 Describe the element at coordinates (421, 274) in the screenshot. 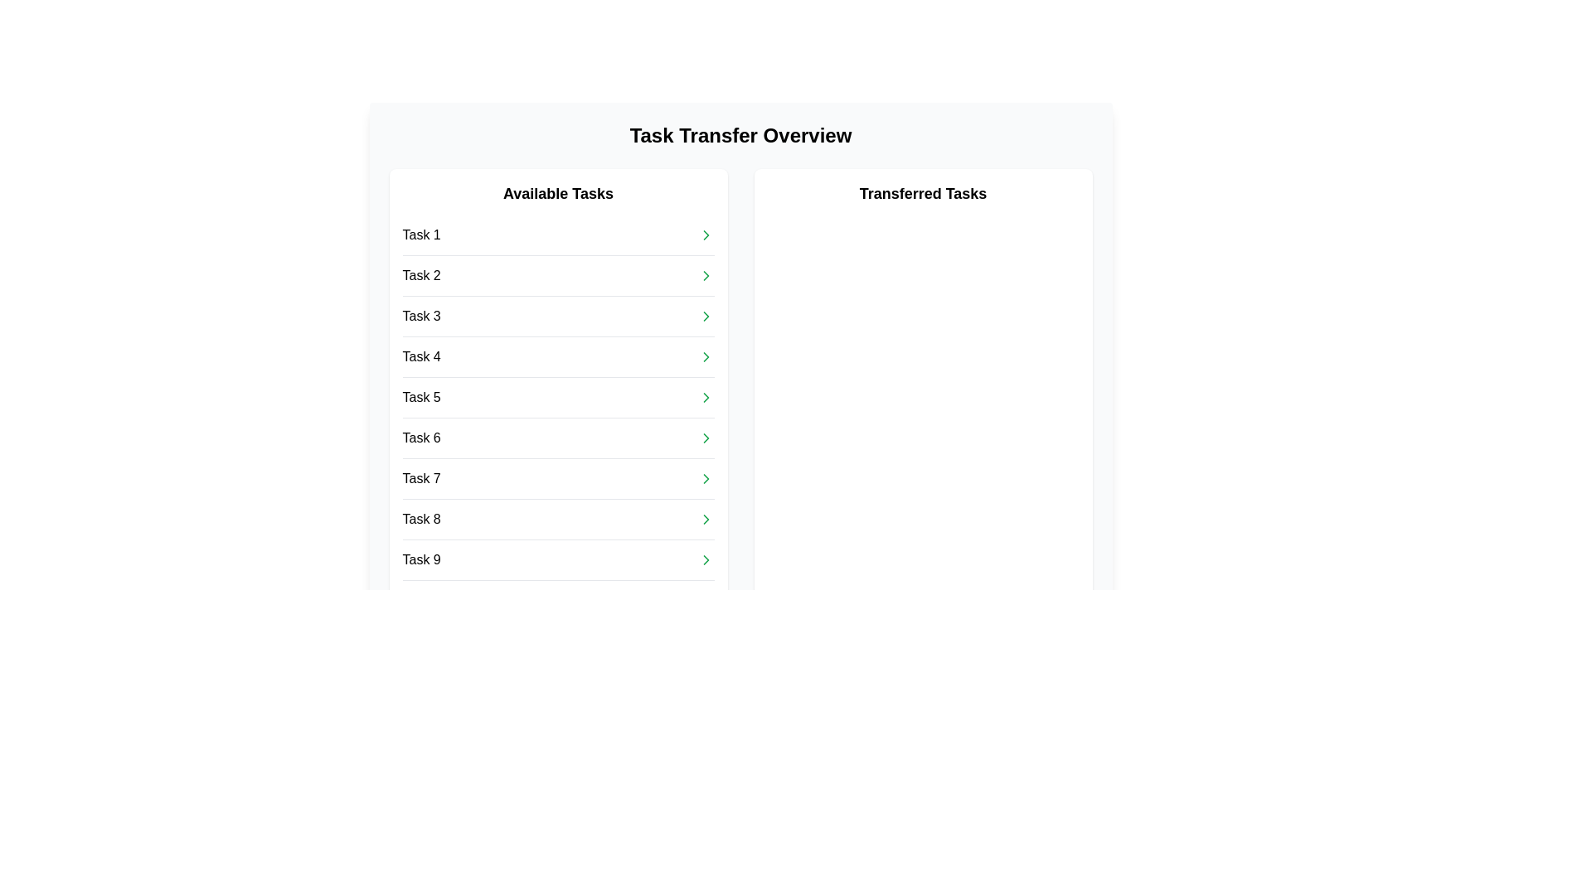

I see `the text label displaying 'Task 2' in the 'Available Tasks' column` at that location.